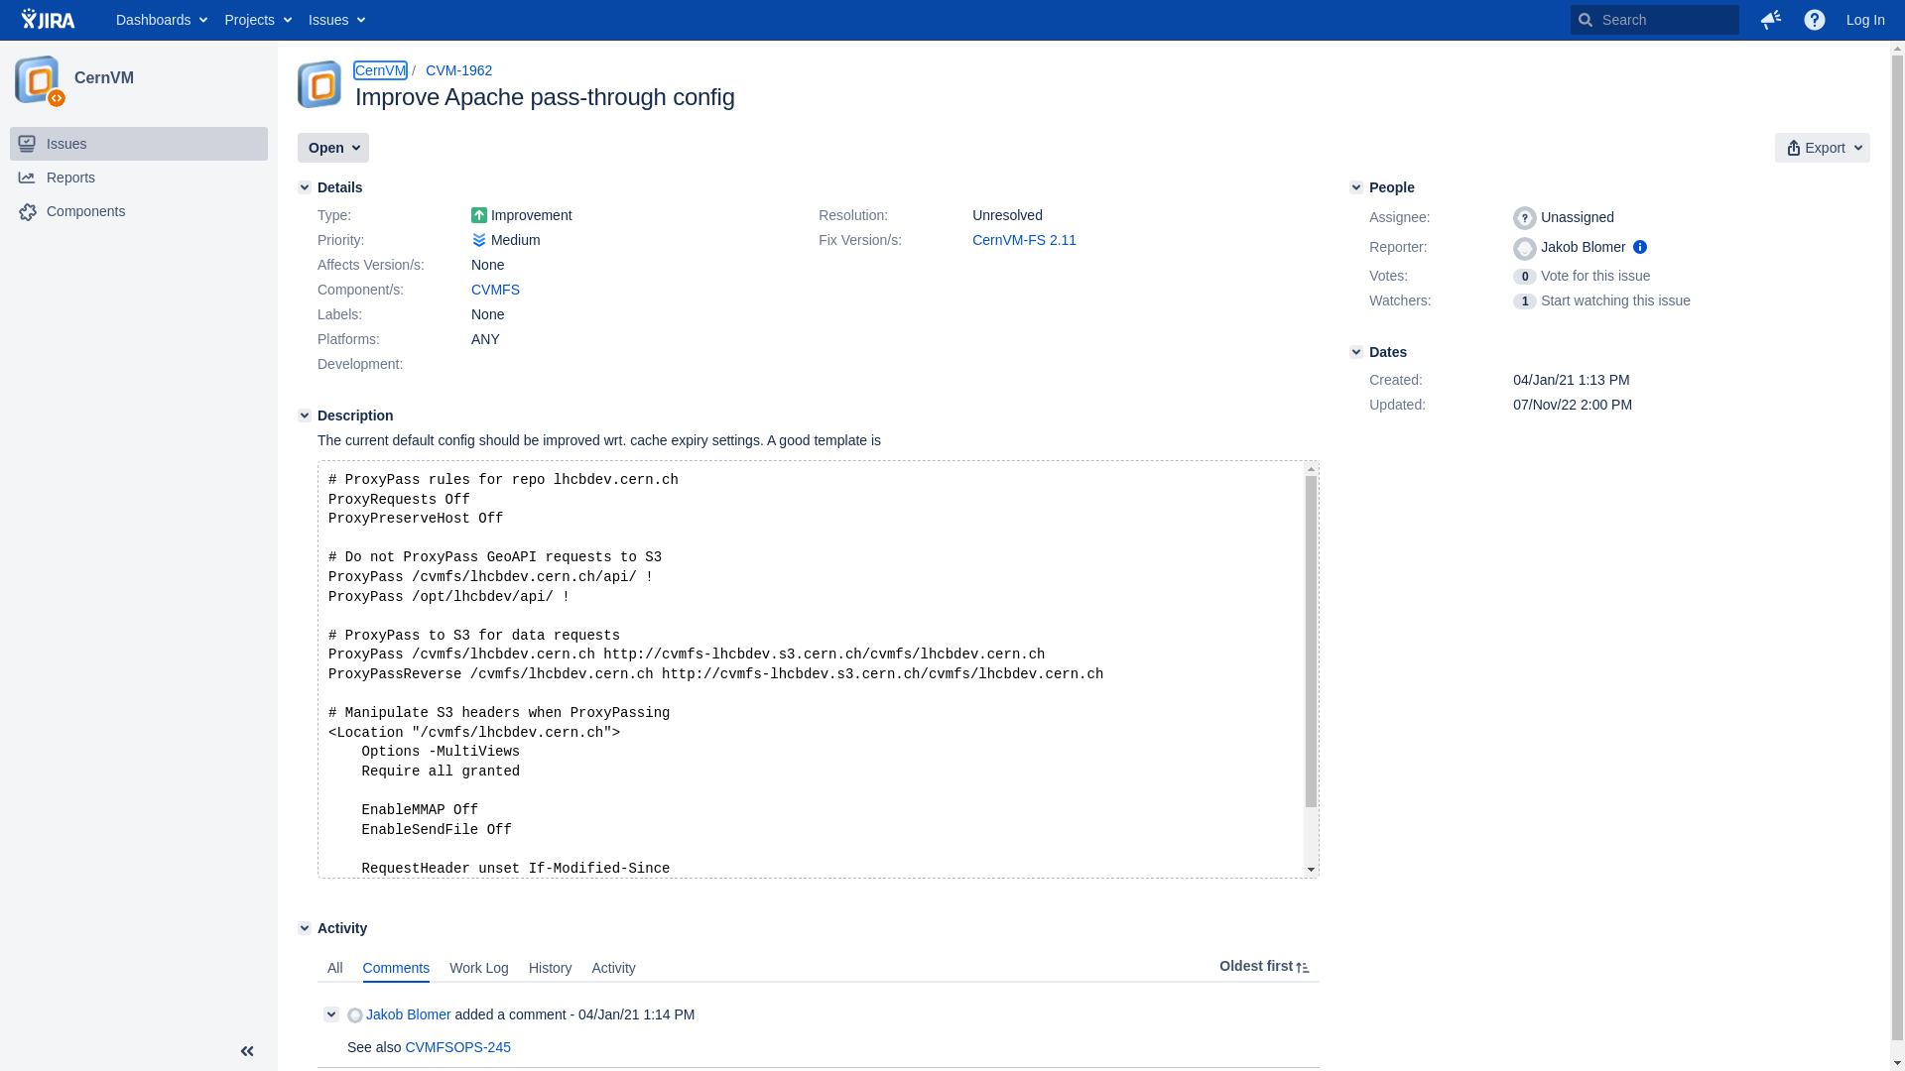  I want to click on 'Help', so click(1792, 19).